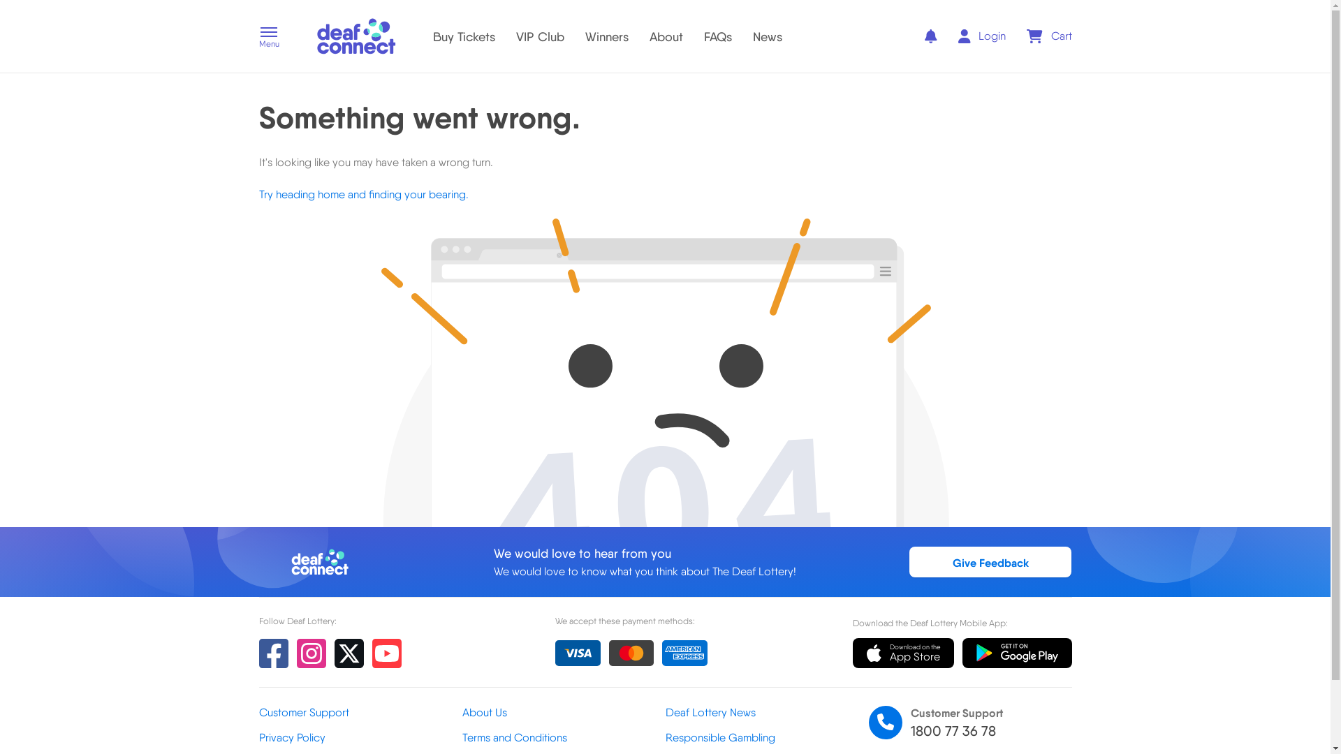 Image resolution: width=1341 pixels, height=754 pixels. I want to click on 'VIP Club', so click(515, 35).